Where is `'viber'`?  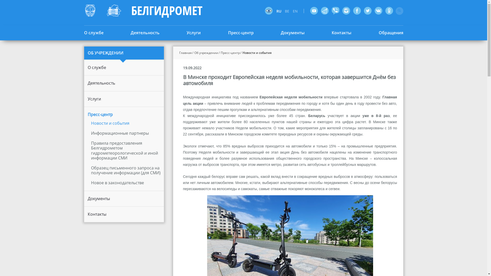
'viber' is located at coordinates (335, 11).